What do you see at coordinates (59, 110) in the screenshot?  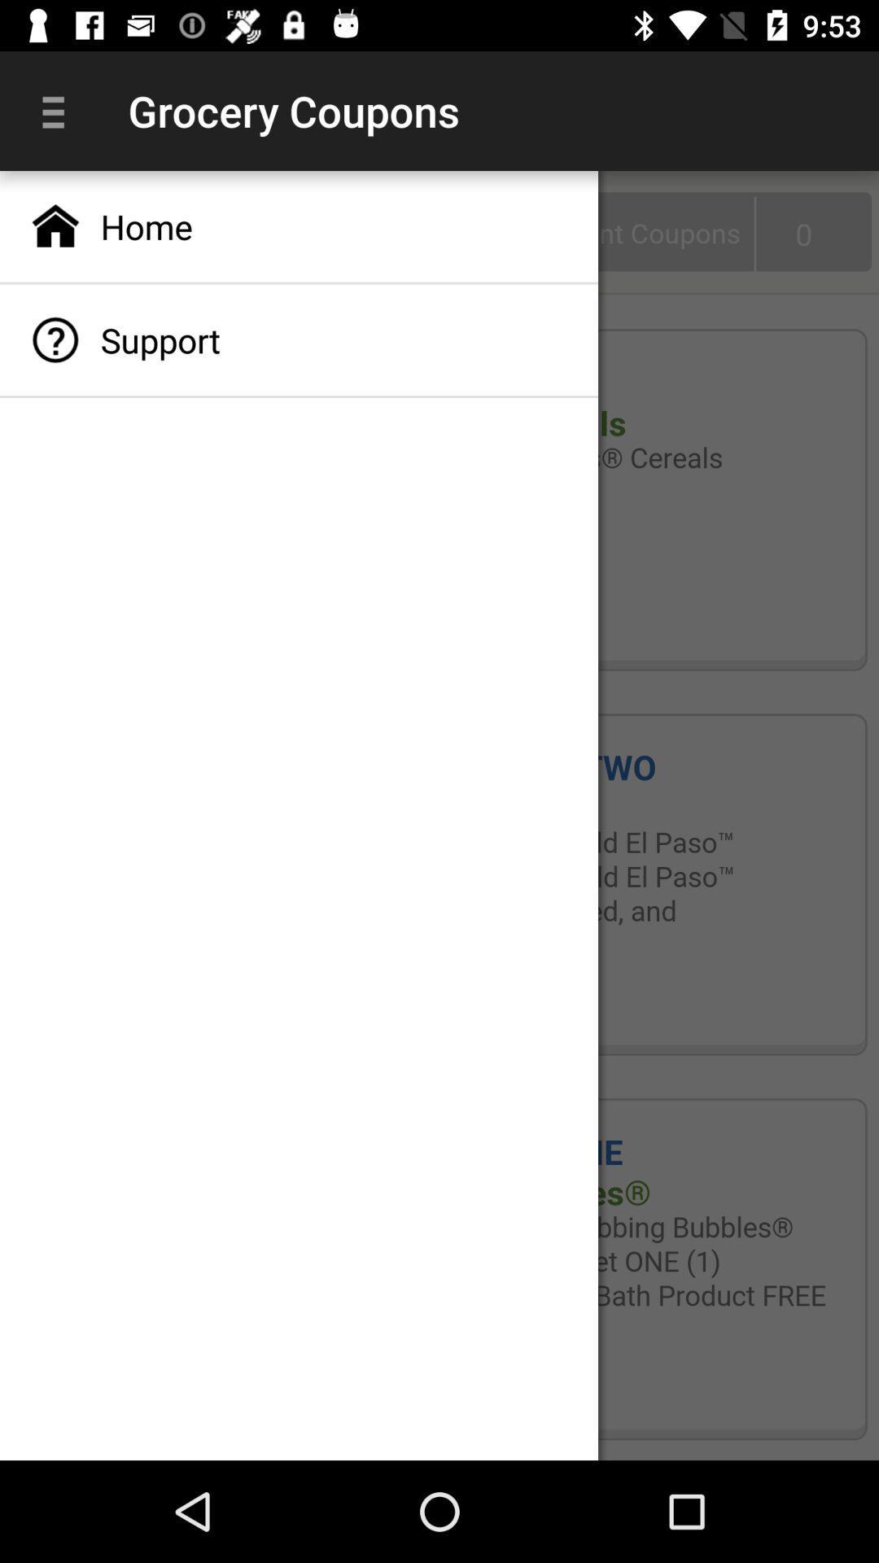 I see `the item next to grocery coupons` at bounding box center [59, 110].